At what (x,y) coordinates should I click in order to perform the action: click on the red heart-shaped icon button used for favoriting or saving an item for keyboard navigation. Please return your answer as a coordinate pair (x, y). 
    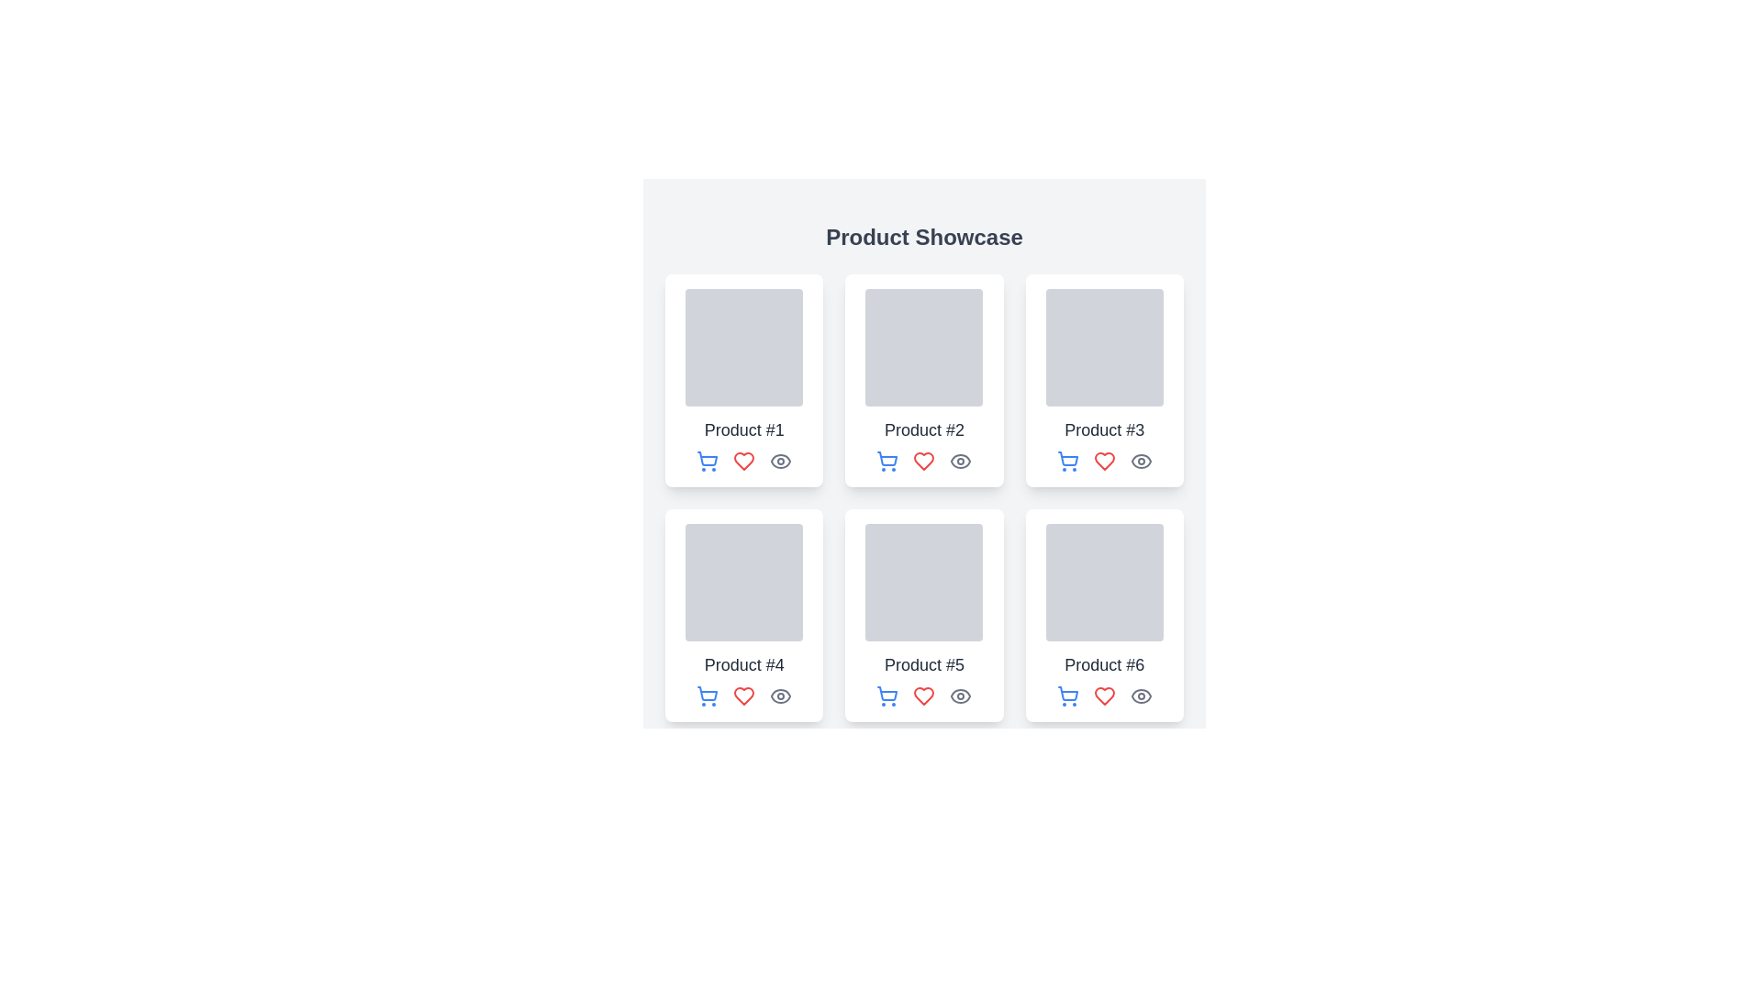
    Looking at the image, I should click on (924, 460).